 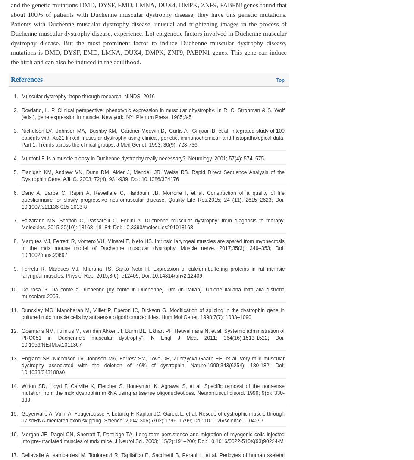 What do you see at coordinates (153, 417) in the screenshot?
I see `'Goyenvalle A, Vulin  A, Fougerousse F, Leturcq F, Kaplan JC, Garcia L, et al. Rescue  of dystrophic muscle through u7 snRNA-mediated exon skipping. Science. 2004; 306(5702):1796–1799;  Doi: 10.1126/science.1104297'` at bounding box center [153, 417].